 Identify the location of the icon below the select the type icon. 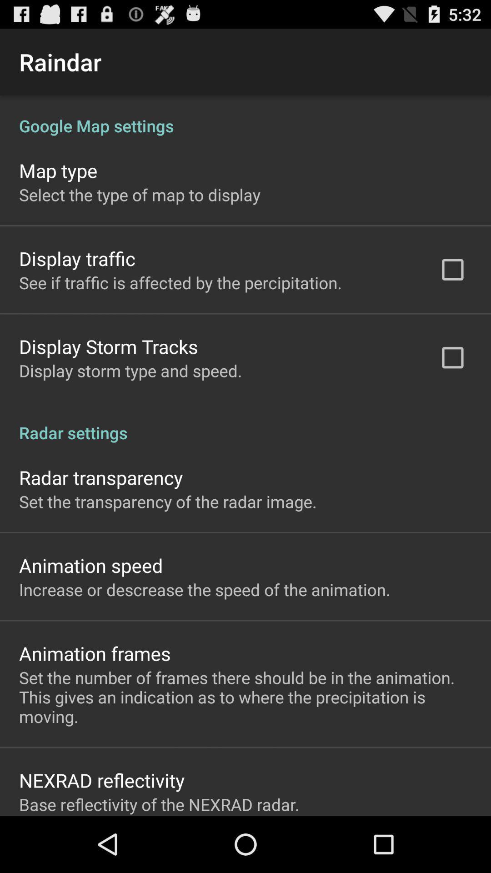
(76, 258).